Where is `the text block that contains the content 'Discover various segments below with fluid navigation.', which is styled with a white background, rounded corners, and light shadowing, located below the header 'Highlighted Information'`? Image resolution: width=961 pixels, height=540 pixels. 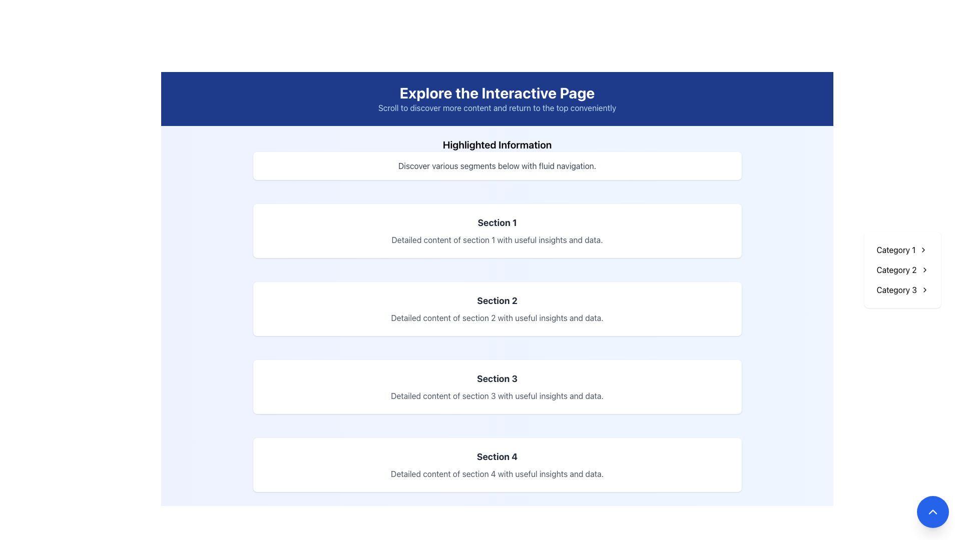 the text block that contains the content 'Discover various segments below with fluid navigation.', which is styled with a white background, rounded corners, and light shadowing, located below the header 'Highlighted Information' is located at coordinates (497, 165).